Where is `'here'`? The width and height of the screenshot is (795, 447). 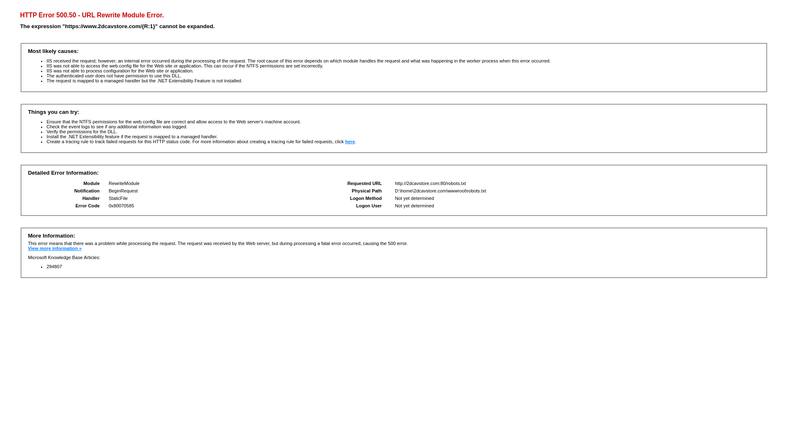 'here' is located at coordinates (349, 141).